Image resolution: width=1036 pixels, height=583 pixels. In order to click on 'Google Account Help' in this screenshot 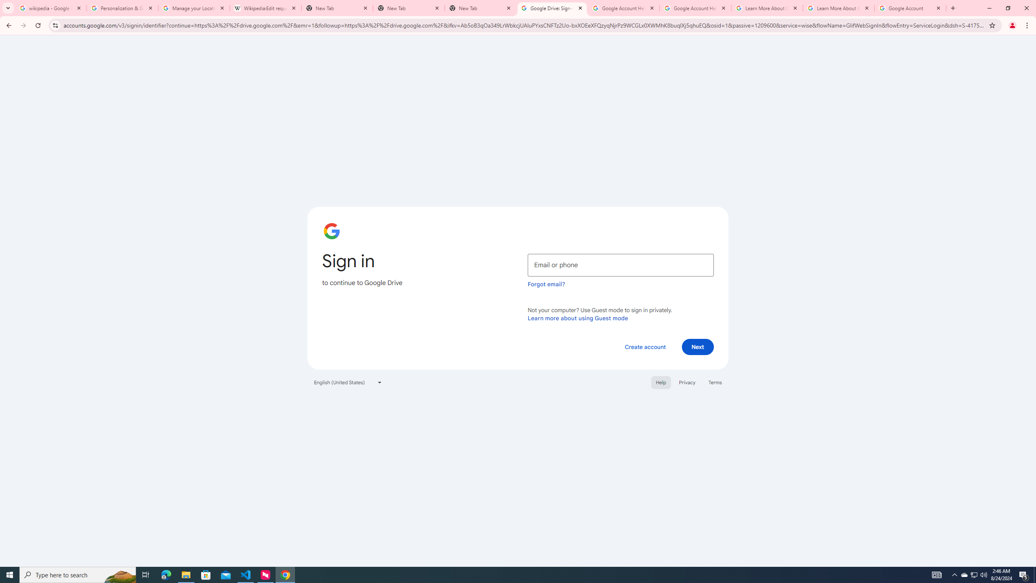, I will do `click(694, 8)`.